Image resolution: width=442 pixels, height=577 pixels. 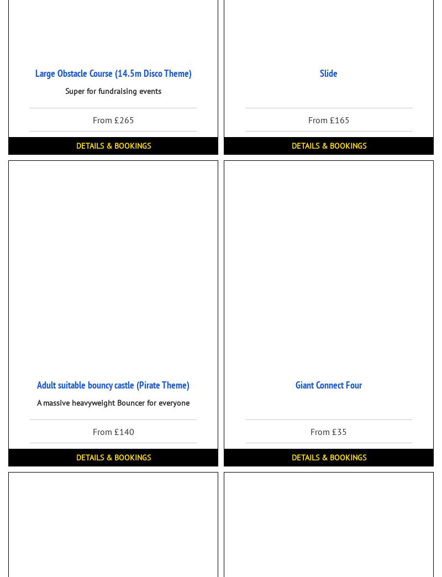 What do you see at coordinates (113, 72) in the screenshot?
I see `'Large Obstacle Course (14.5m Disco Theme)'` at bounding box center [113, 72].